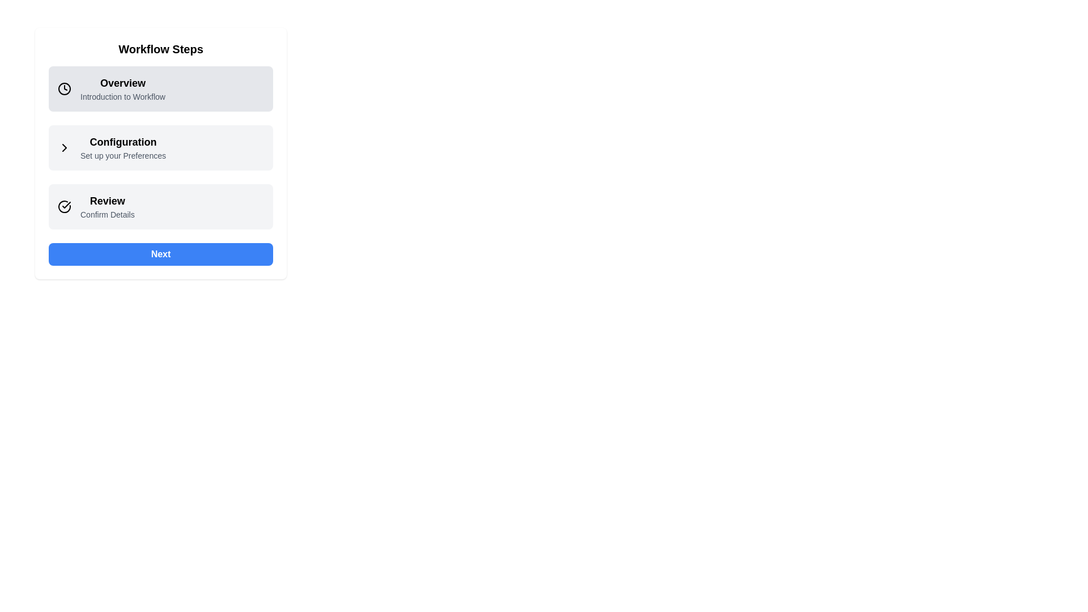 The width and height of the screenshot is (1088, 612). What do you see at coordinates (122, 82) in the screenshot?
I see `text content of the title or header label located at the top-left of the 'Workflow Steps' section, positioned above the 'Introduction to Workflow' subtext` at bounding box center [122, 82].